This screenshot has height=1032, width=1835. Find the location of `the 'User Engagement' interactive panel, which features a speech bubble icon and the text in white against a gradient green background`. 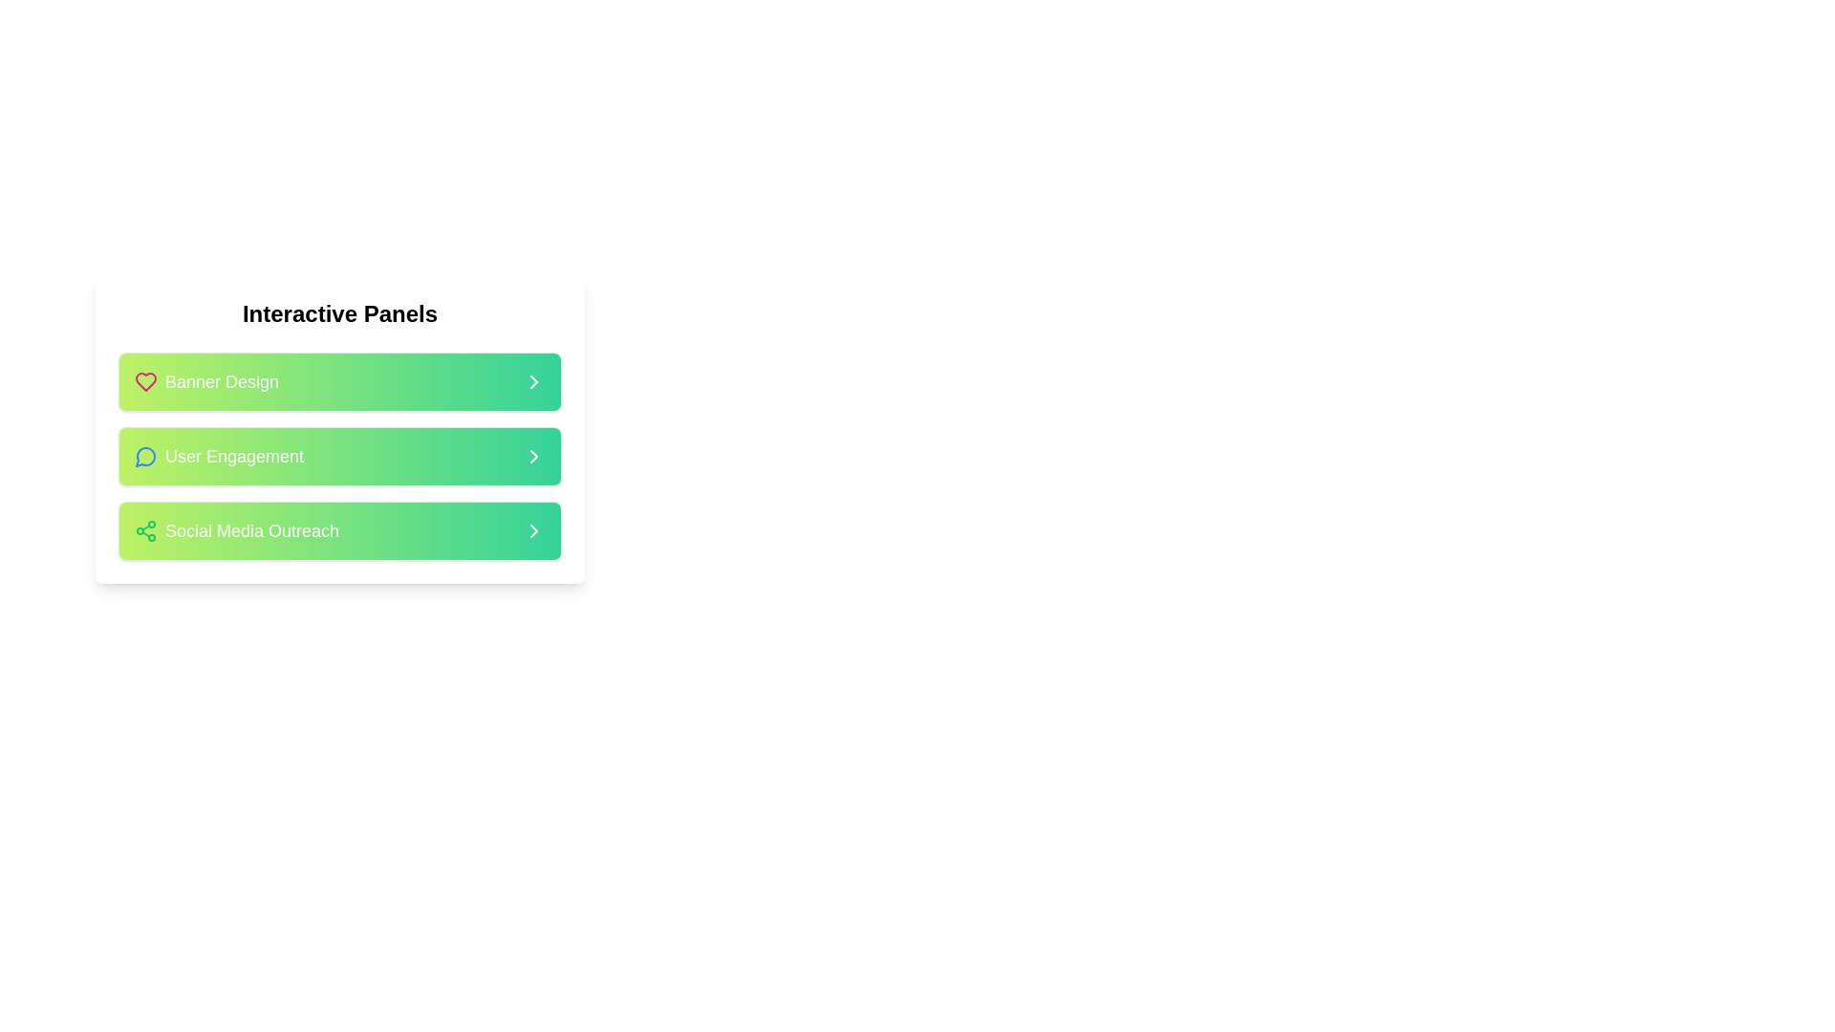

the 'User Engagement' interactive panel, which features a speech bubble icon and the text in white against a gradient green background is located at coordinates (219, 457).